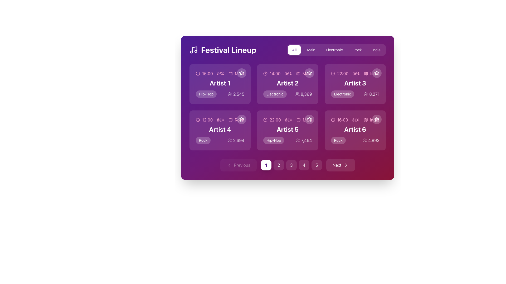 The image size is (506, 284). What do you see at coordinates (197, 74) in the screenshot?
I see `the circular boundary within the clock icon located near the top left of the card` at bounding box center [197, 74].